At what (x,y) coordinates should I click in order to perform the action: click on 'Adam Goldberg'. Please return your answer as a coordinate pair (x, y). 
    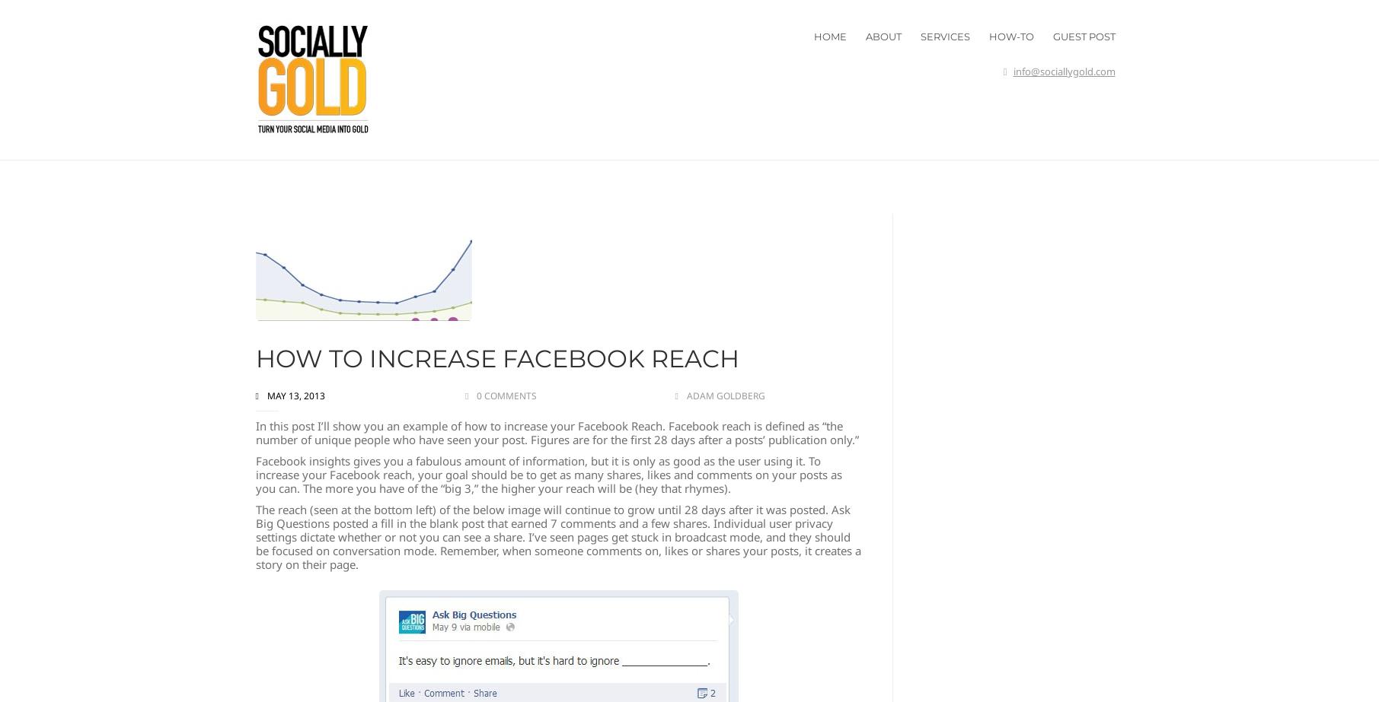
    Looking at the image, I should click on (685, 395).